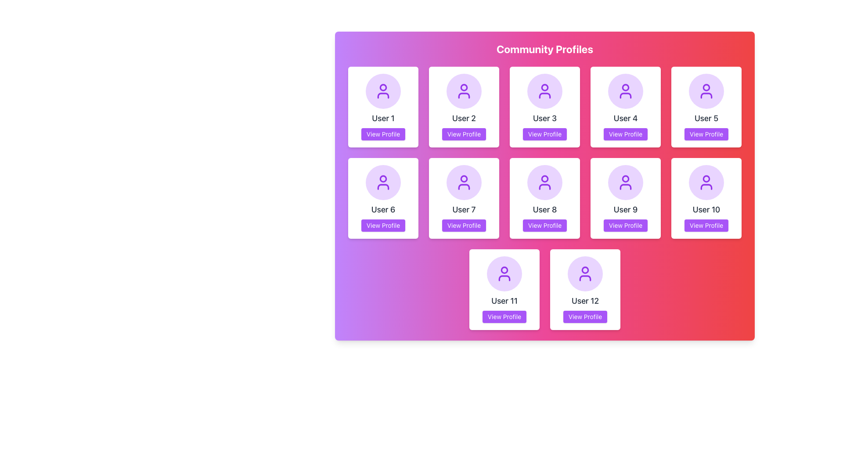 The height and width of the screenshot is (474, 843). Describe the element at coordinates (585, 289) in the screenshot. I see `displayed user information from the card containing the avatar, label 'User 12', and button 'View Profile', which is the twelfth card in a 4x3 grid layout` at that location.